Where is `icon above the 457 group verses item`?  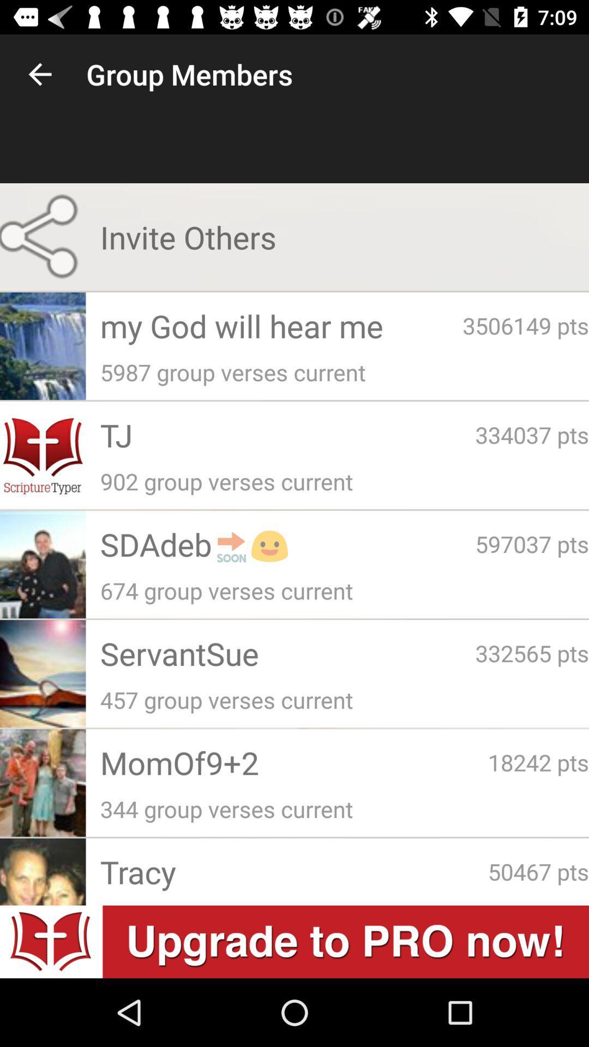
icon above the 457 group verses item is located at coordinates (287, 653).